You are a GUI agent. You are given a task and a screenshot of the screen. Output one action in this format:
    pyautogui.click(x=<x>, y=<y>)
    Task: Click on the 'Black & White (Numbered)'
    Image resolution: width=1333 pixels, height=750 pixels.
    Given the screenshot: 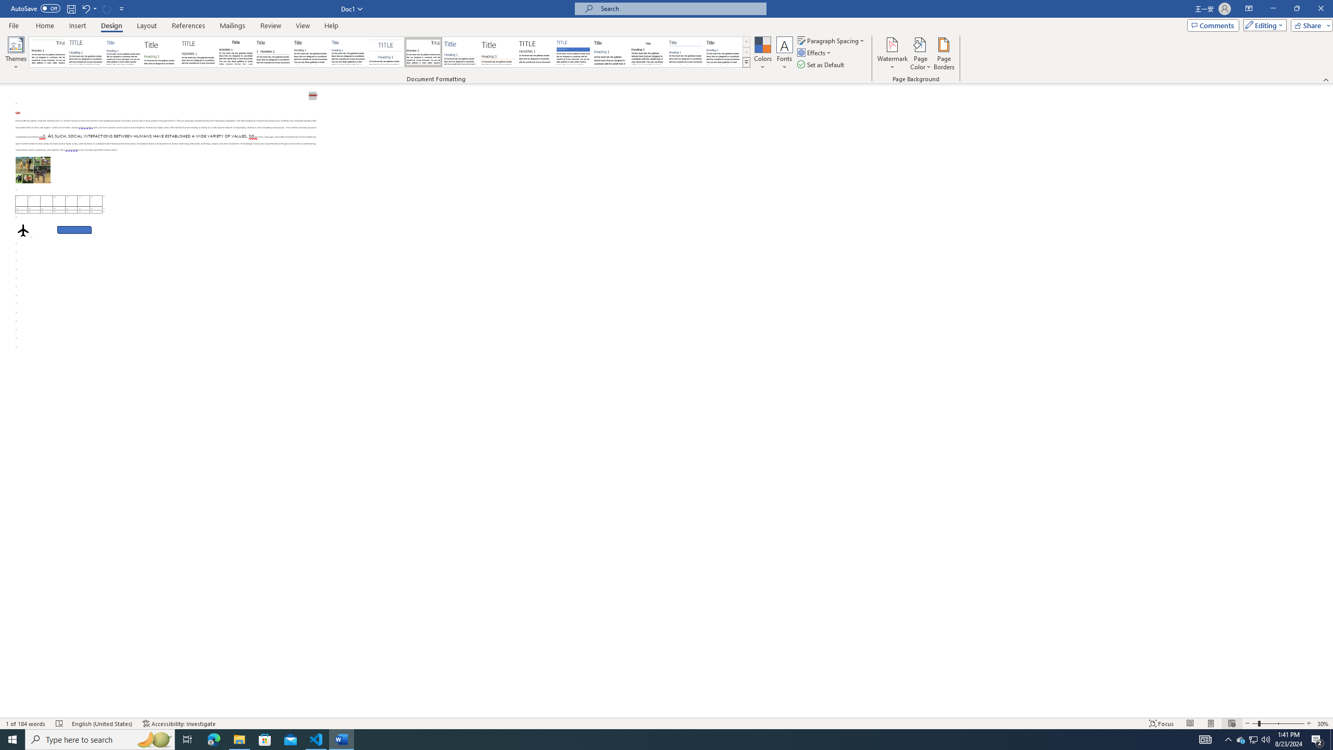 What is the action you would take?
    pyautogui.click(x=272, y=52)
    